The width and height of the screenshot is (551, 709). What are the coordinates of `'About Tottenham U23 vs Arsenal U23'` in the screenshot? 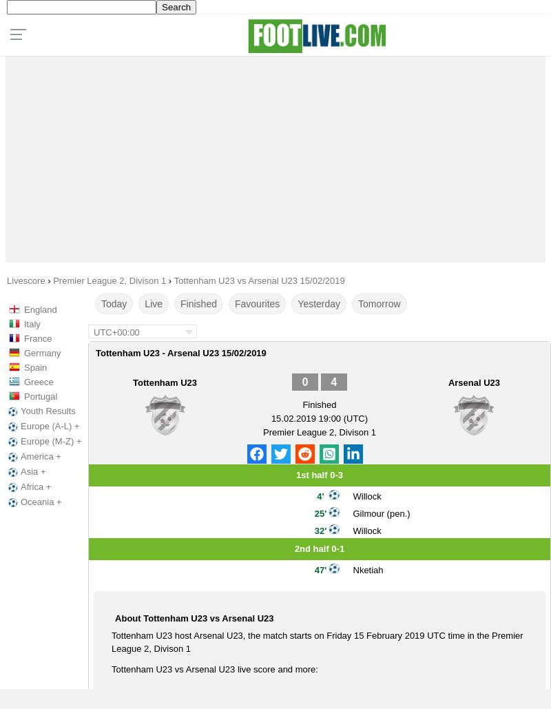 It's located at (194, 618).